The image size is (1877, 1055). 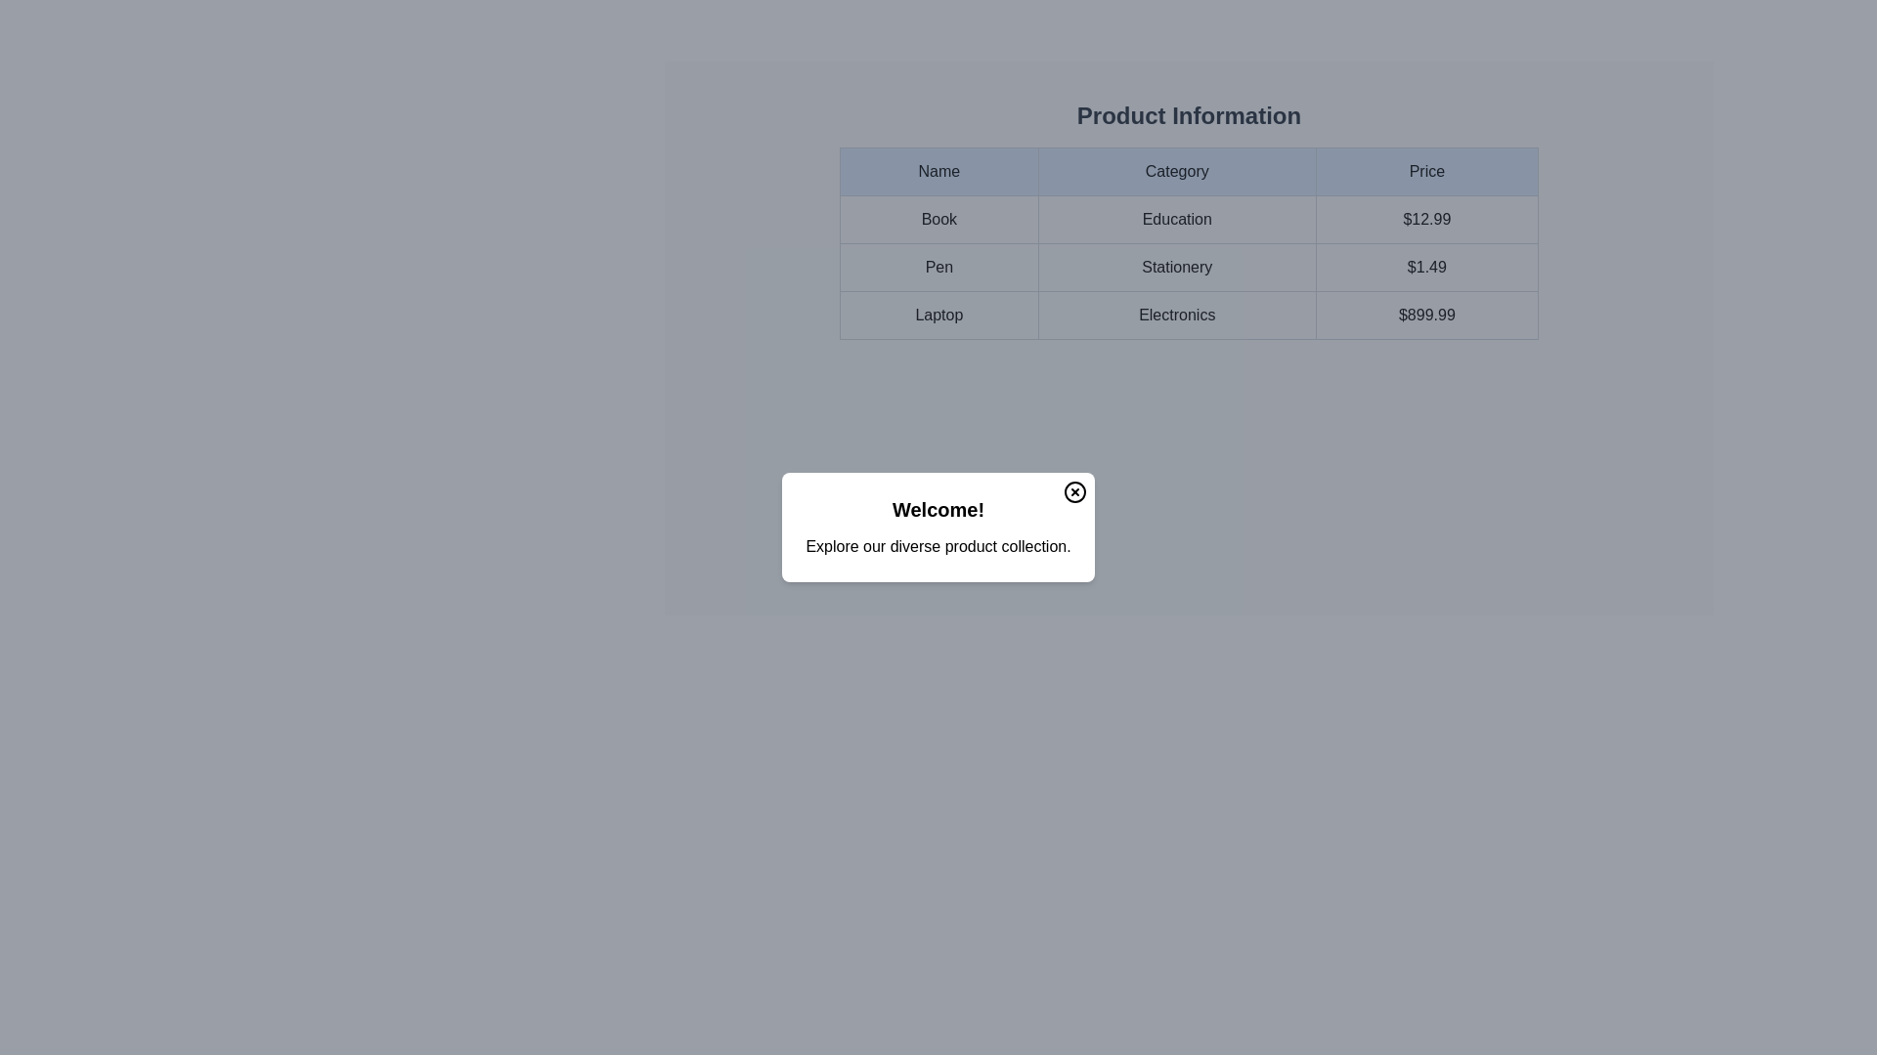 I want to click on the decorative circle in the close icon located at the top-right corner of the popup overlay box that contains the text 'Welcome!' and 'Explore our diverse product collection.', so click(x=1073, y=491).